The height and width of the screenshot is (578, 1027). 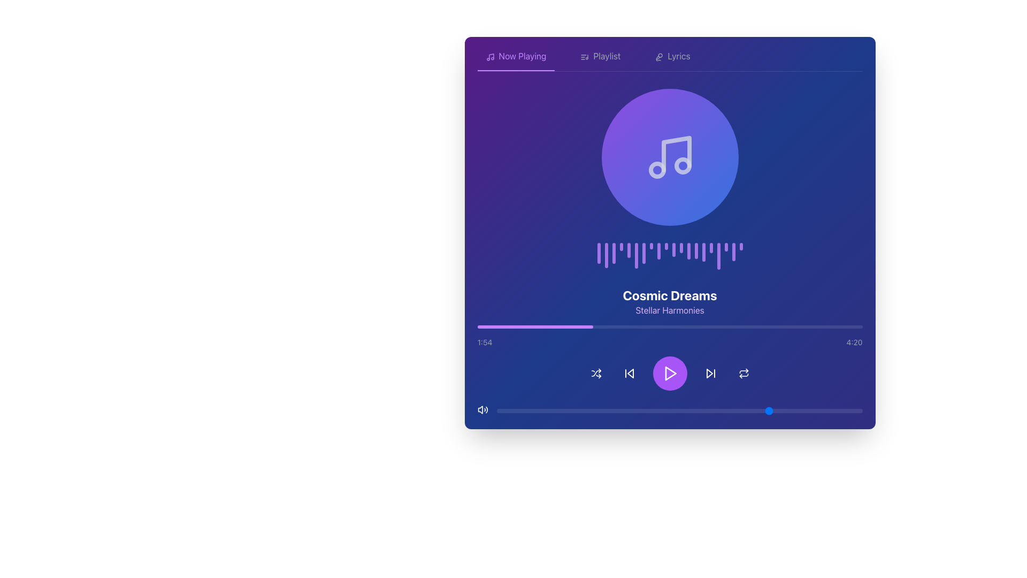 What do you see at coordinates (665, 246) in the screenshot?
I see `the 10th vertical purple decorative bar from the left, which is part of a series of bars below a circular music icon` at bounding box center [665, 246].